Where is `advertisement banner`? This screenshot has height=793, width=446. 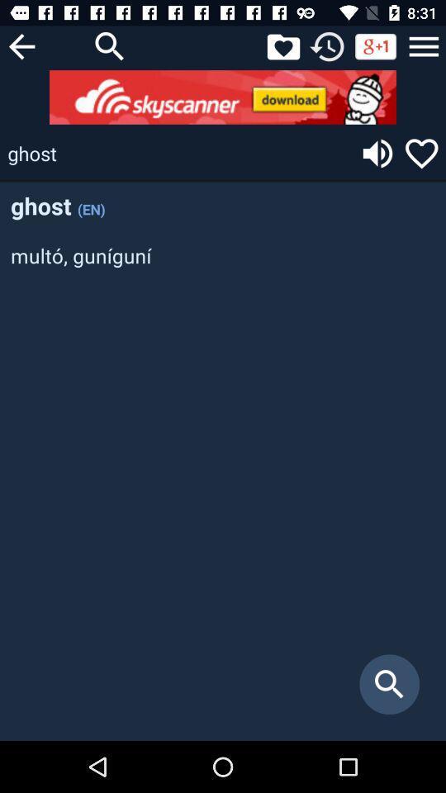 advertisement banner is located at coordinates (223, 97).